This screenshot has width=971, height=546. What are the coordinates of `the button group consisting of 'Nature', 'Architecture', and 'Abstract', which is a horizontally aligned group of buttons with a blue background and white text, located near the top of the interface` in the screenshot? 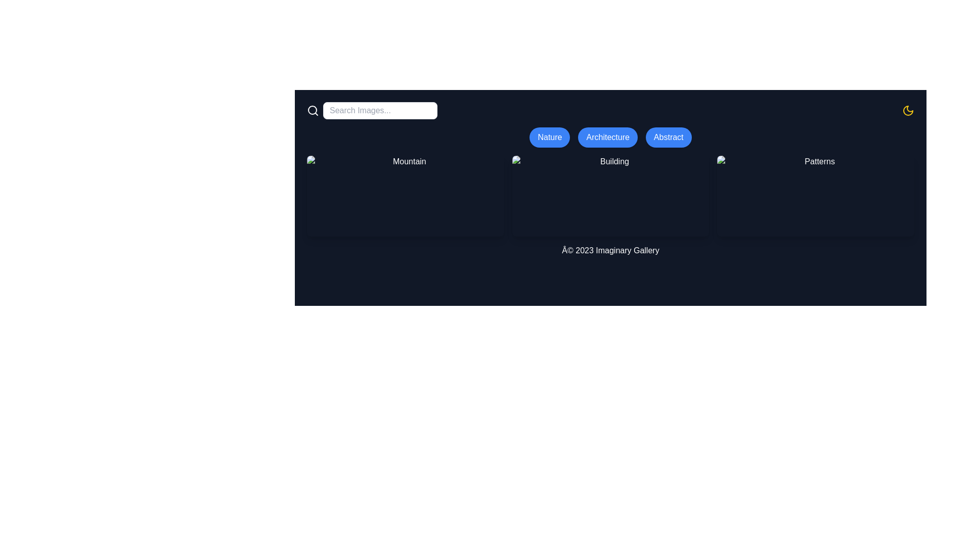 It's located at (610, 138).